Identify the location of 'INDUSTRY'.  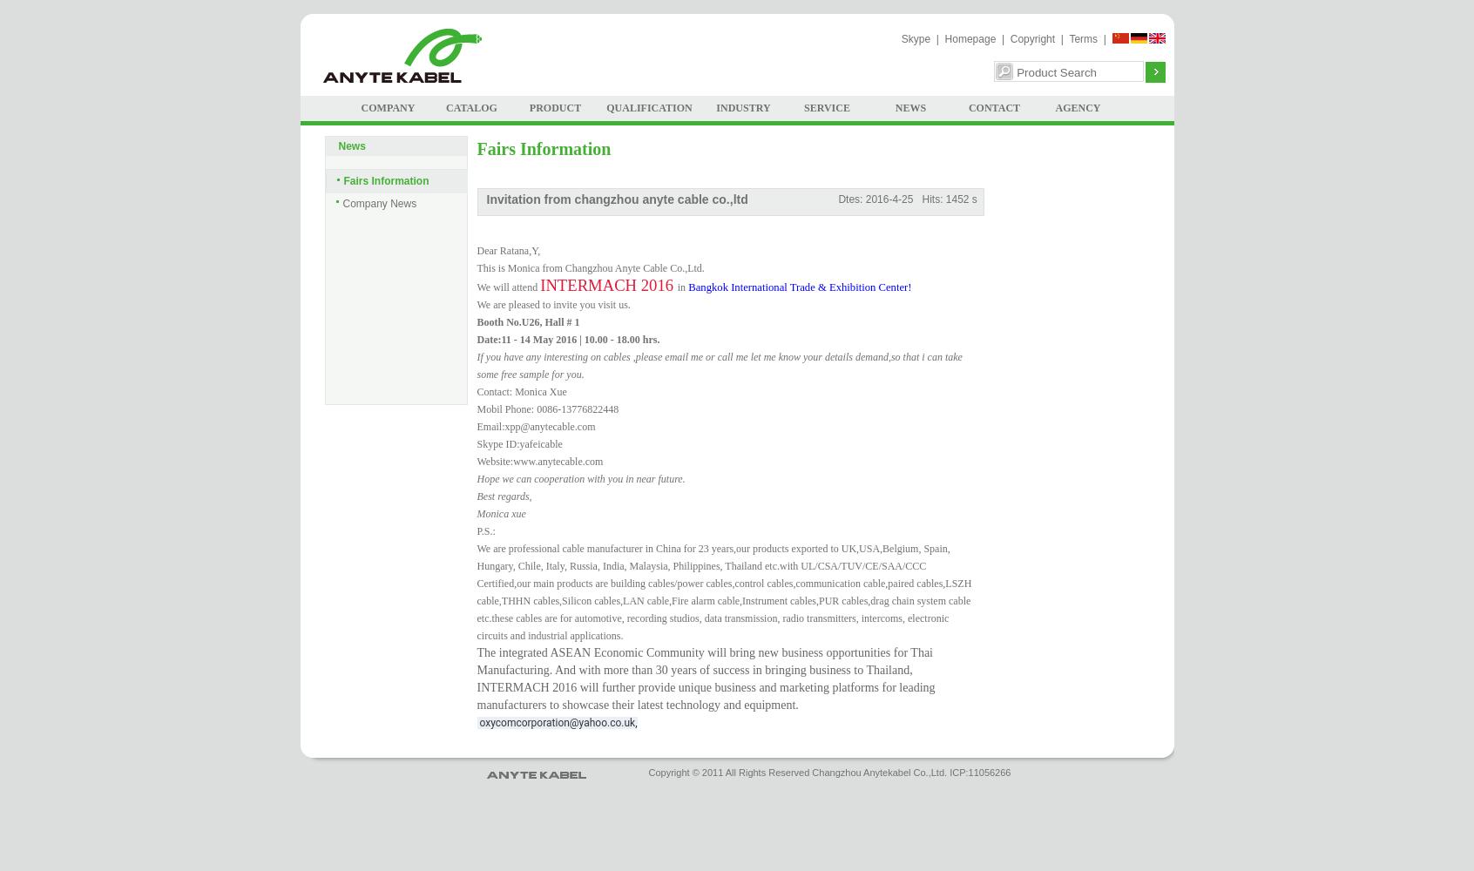
(741, 107).